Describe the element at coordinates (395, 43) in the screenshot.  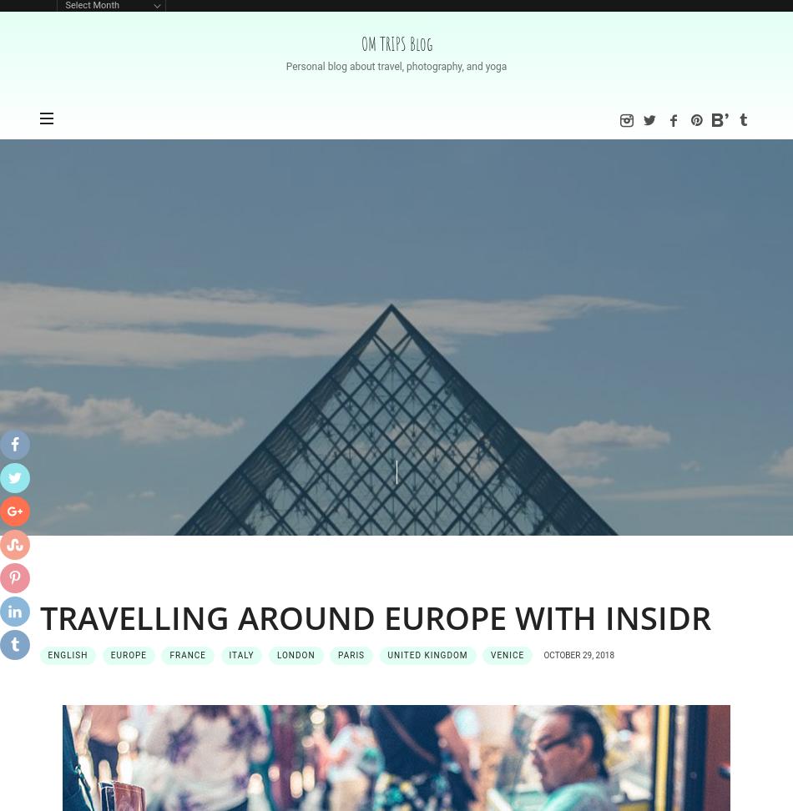
I see `'OM TRIPS Blog'` at that location.